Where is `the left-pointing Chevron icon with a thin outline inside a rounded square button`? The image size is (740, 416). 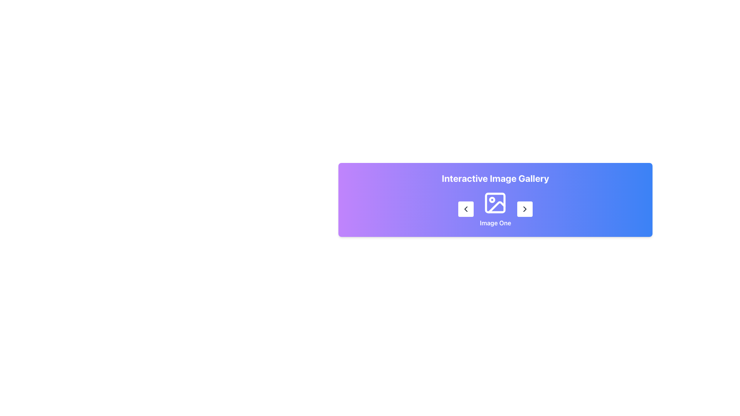
the left-pointing Chevron icon with a thin outline inside a rounded square button is located at coordinates (465, 209).